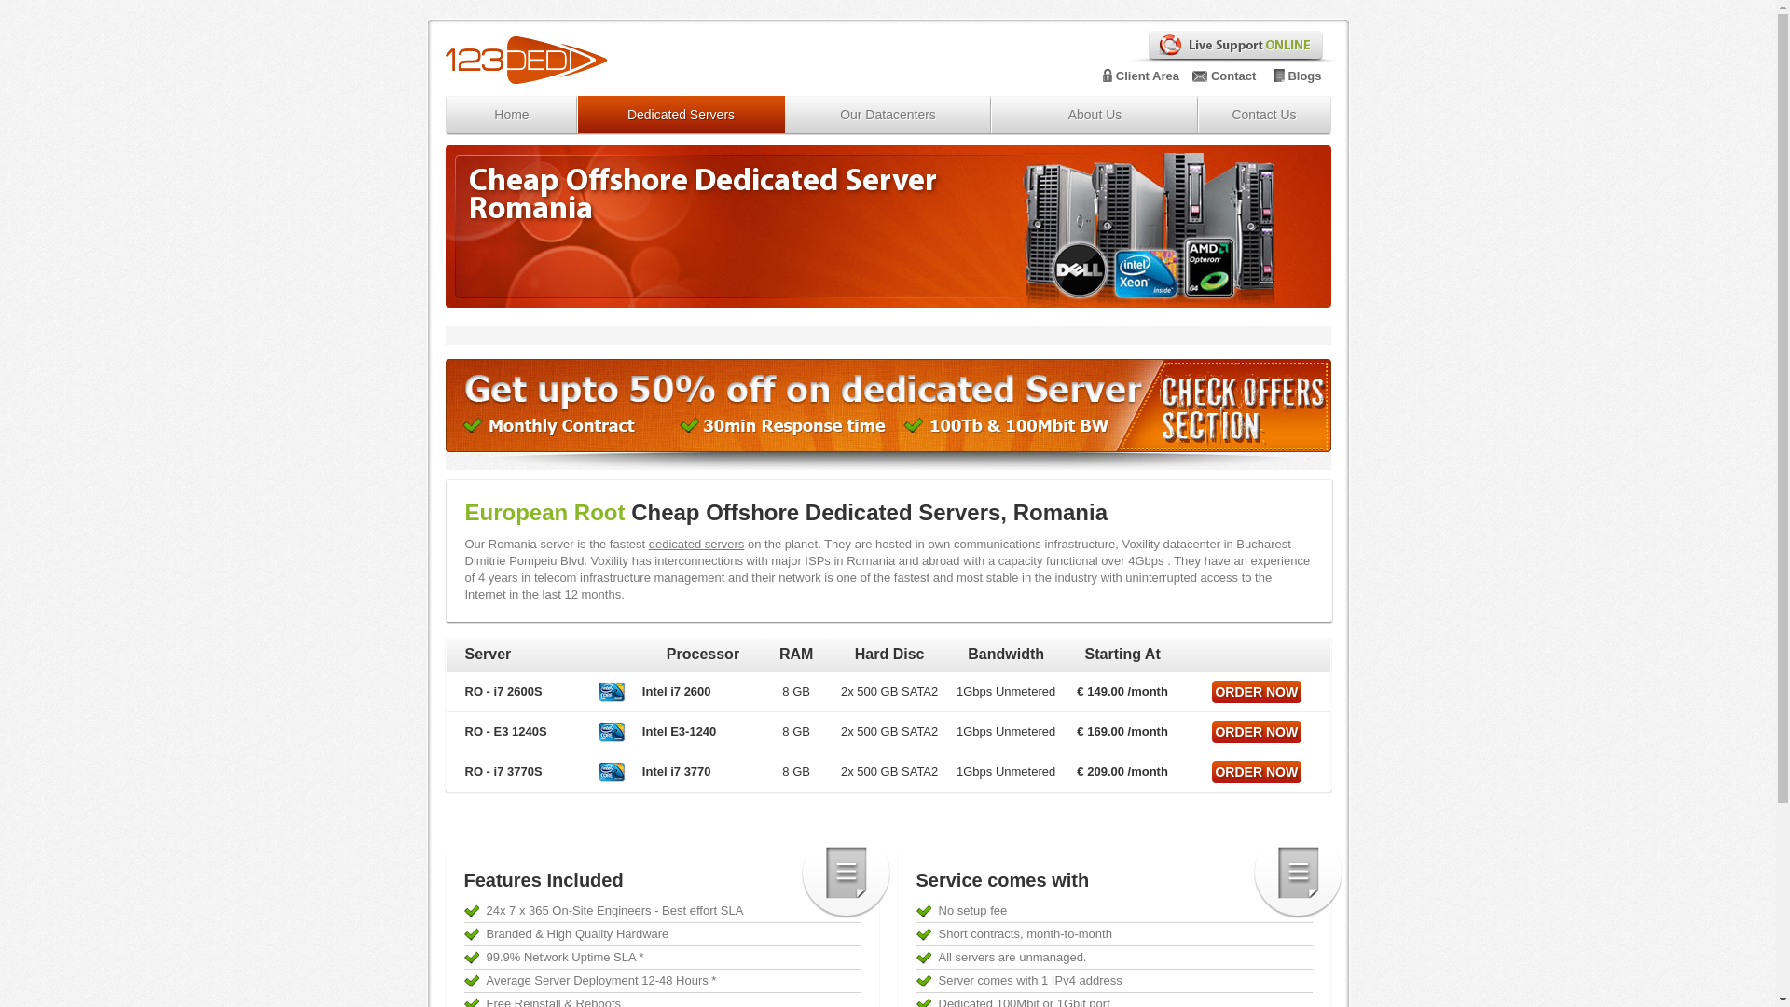  What do you see at coordinates (1302, 75) in the screenshot?
I see `'Blogs'` at bounding box center [1302, 75].